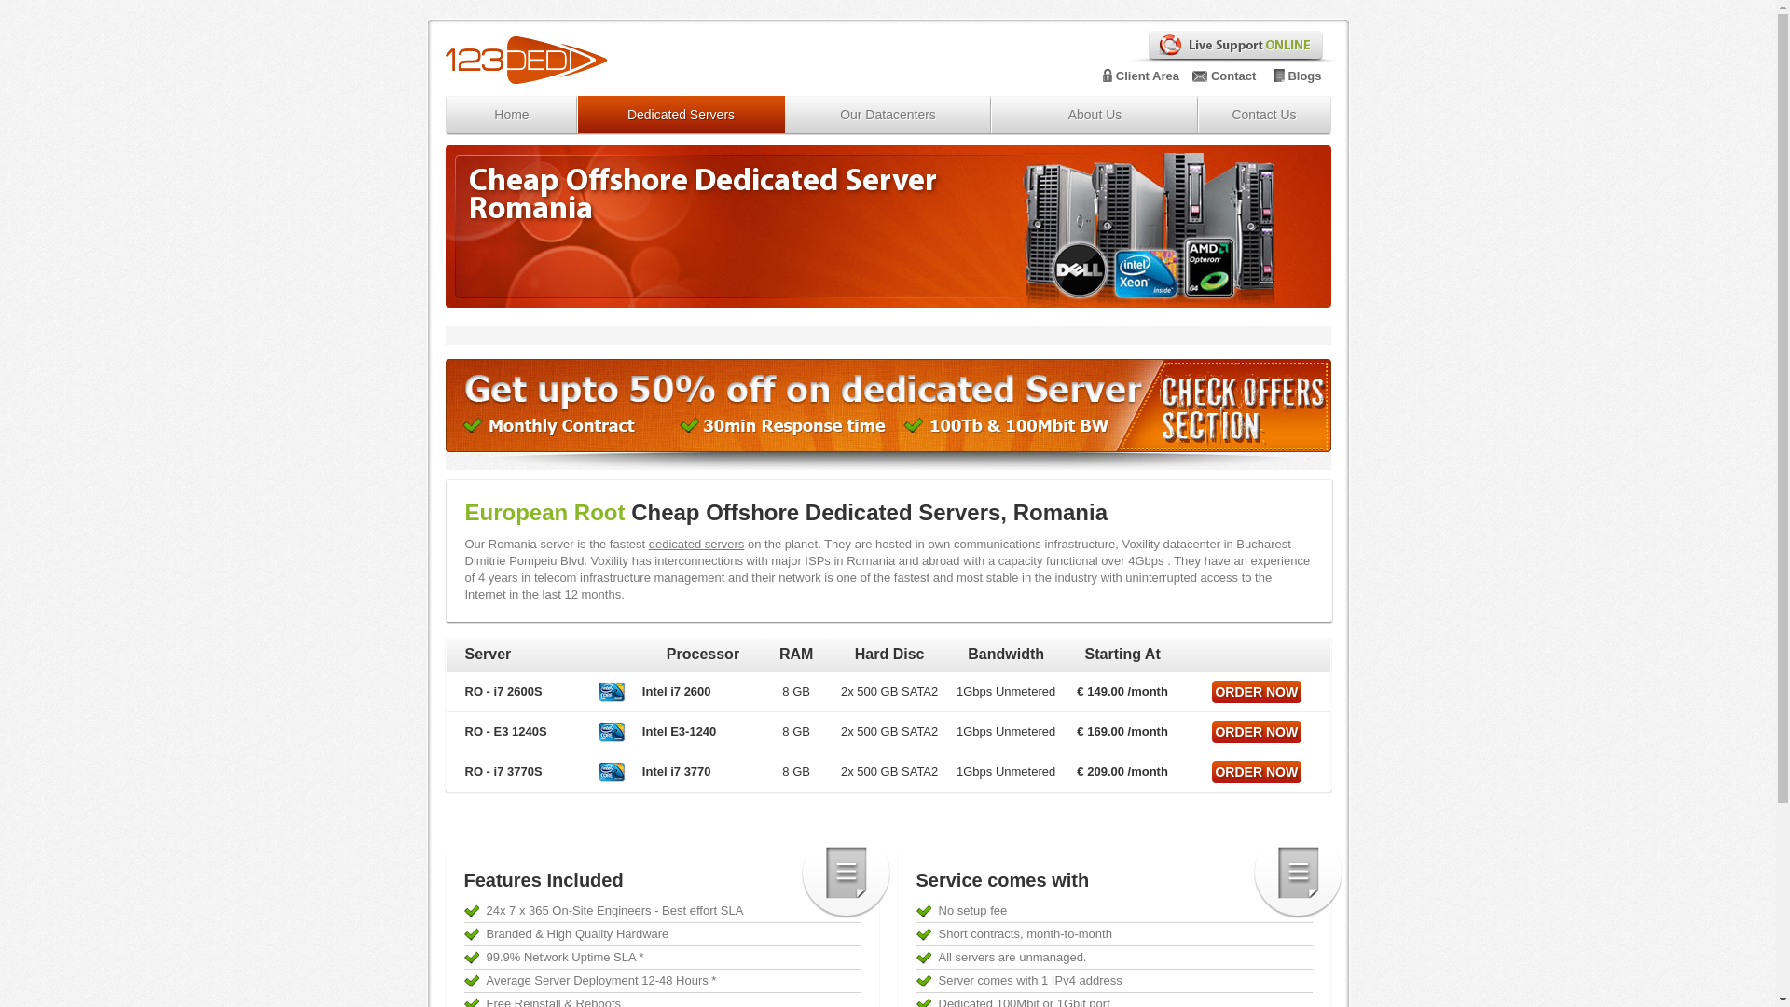  What do you see at coordinates (1302, 75) in the screenshot?
I see `'Blogs'` at bounding box center [1302, 75].